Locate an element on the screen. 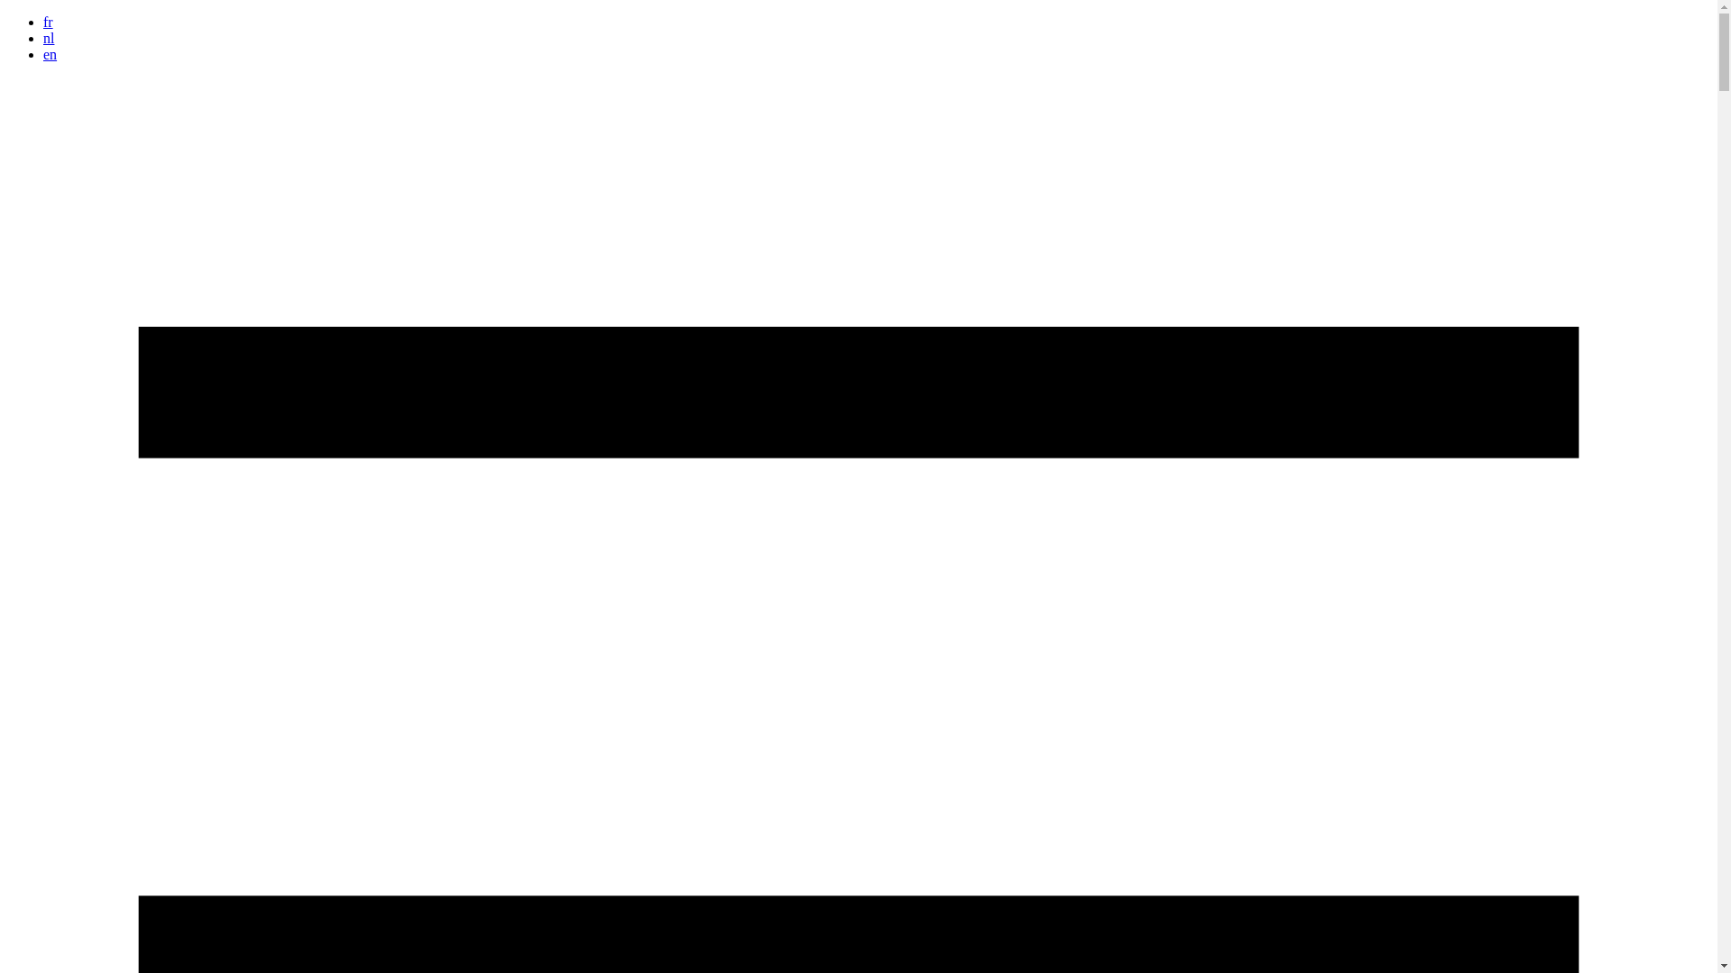 Image resolution: width=1731 pixels, height=973 pixels. 'en' is located at coordinates (43, 53).